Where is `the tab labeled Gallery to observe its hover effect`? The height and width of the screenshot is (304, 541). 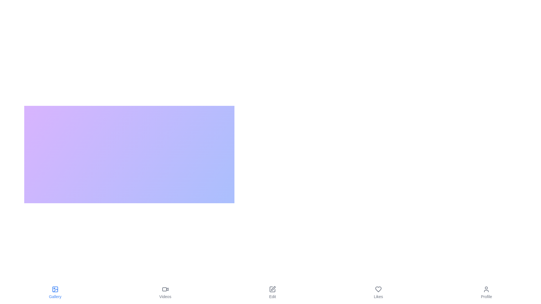
the tab labeled Gallery to observe its hover effect is located at coordinates (55, 292).